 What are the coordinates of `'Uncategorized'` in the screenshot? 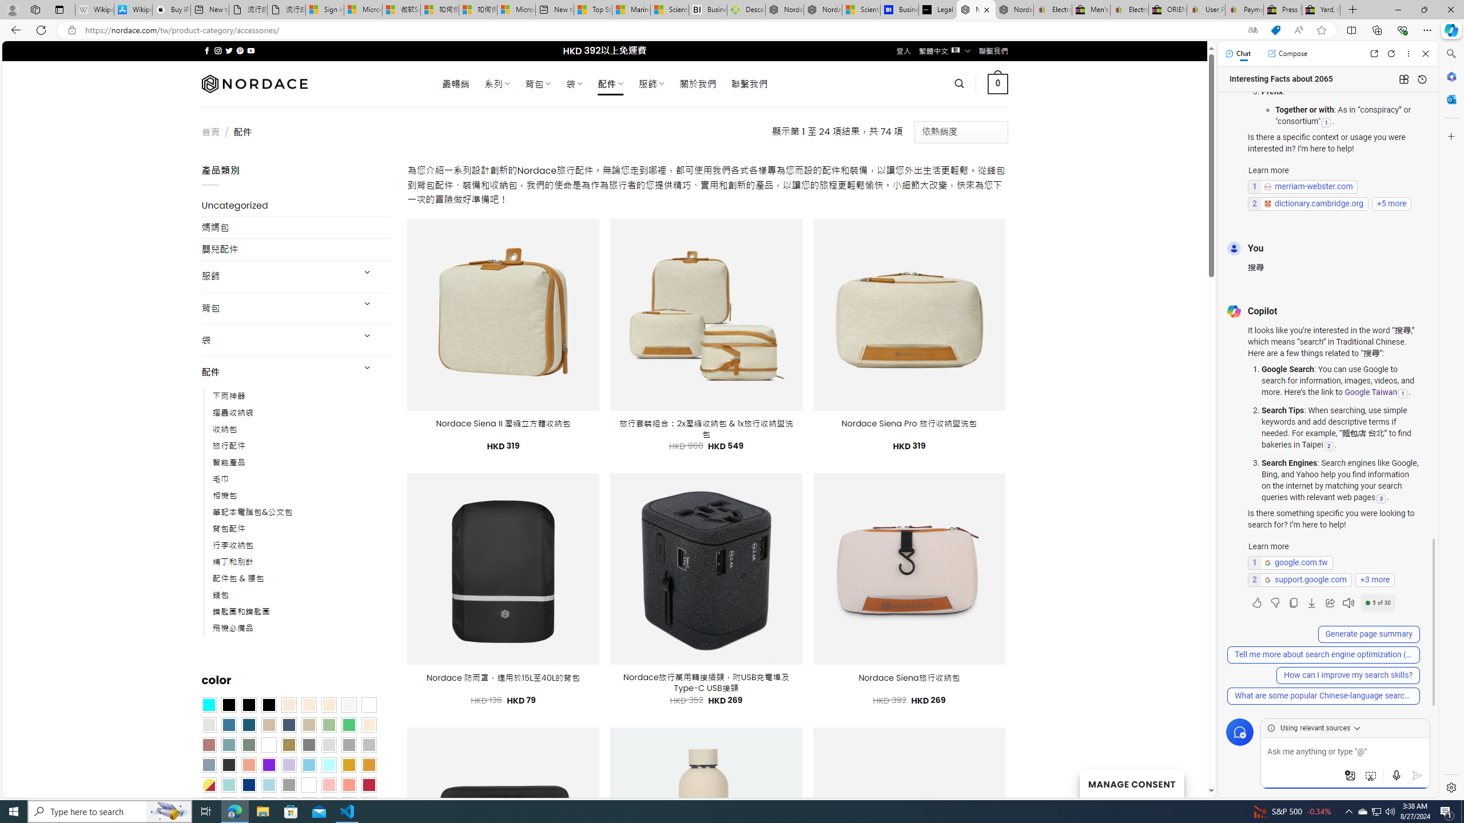 It's located at (296, 206).